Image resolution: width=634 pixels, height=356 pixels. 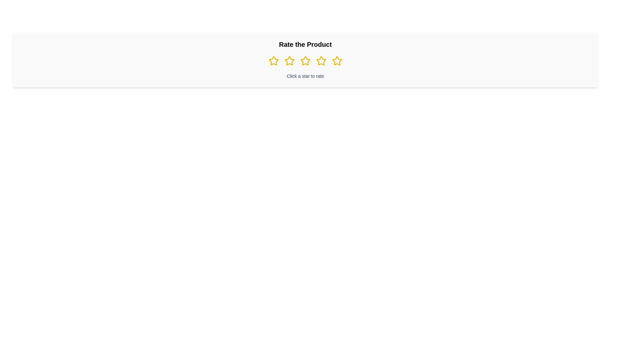 What do you see at coordinates (274, 61) in the screenshot?
I see `the first star icon in the rating system` at bounding box center [274, 61].